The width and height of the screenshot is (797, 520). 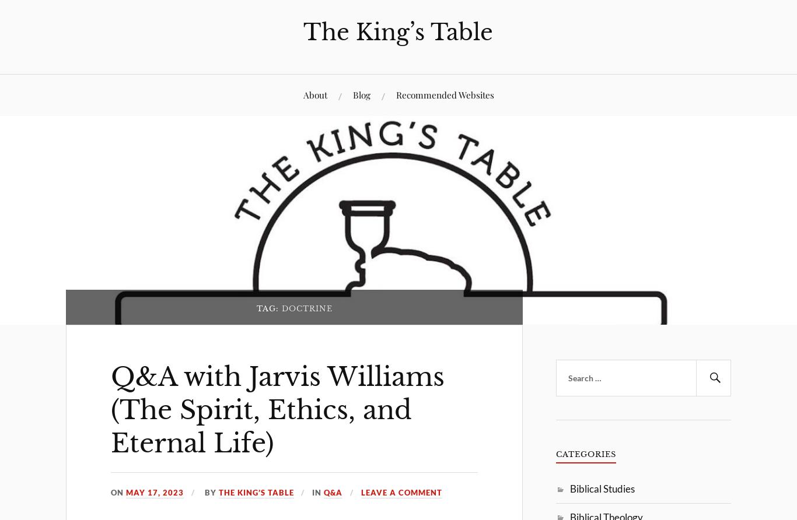 I want to click on 'Leave a comment', so click(x=401, y=491).